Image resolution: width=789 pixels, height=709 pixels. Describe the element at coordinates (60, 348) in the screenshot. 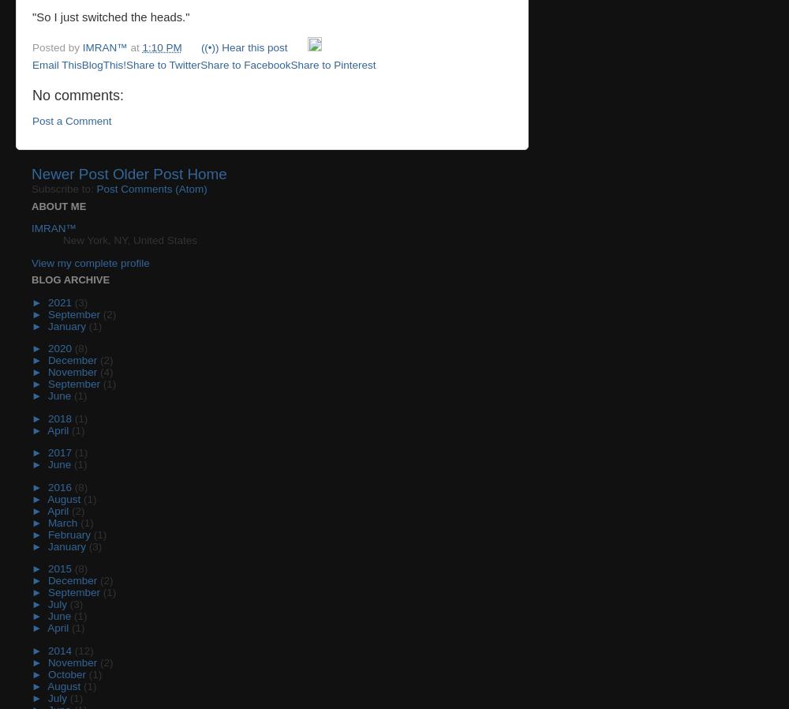

I see `'2020'` at that location.